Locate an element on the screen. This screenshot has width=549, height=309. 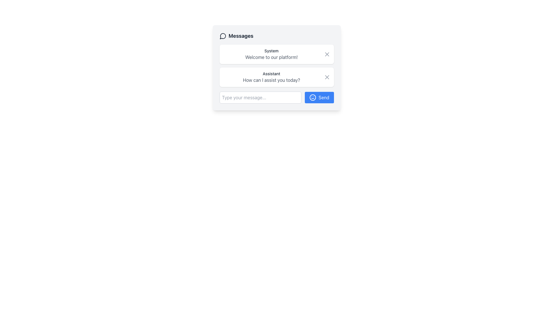
the speech bubble icon located to the left of the 'Messages' label in the header area of the interface is located at coordinates (222, 36).